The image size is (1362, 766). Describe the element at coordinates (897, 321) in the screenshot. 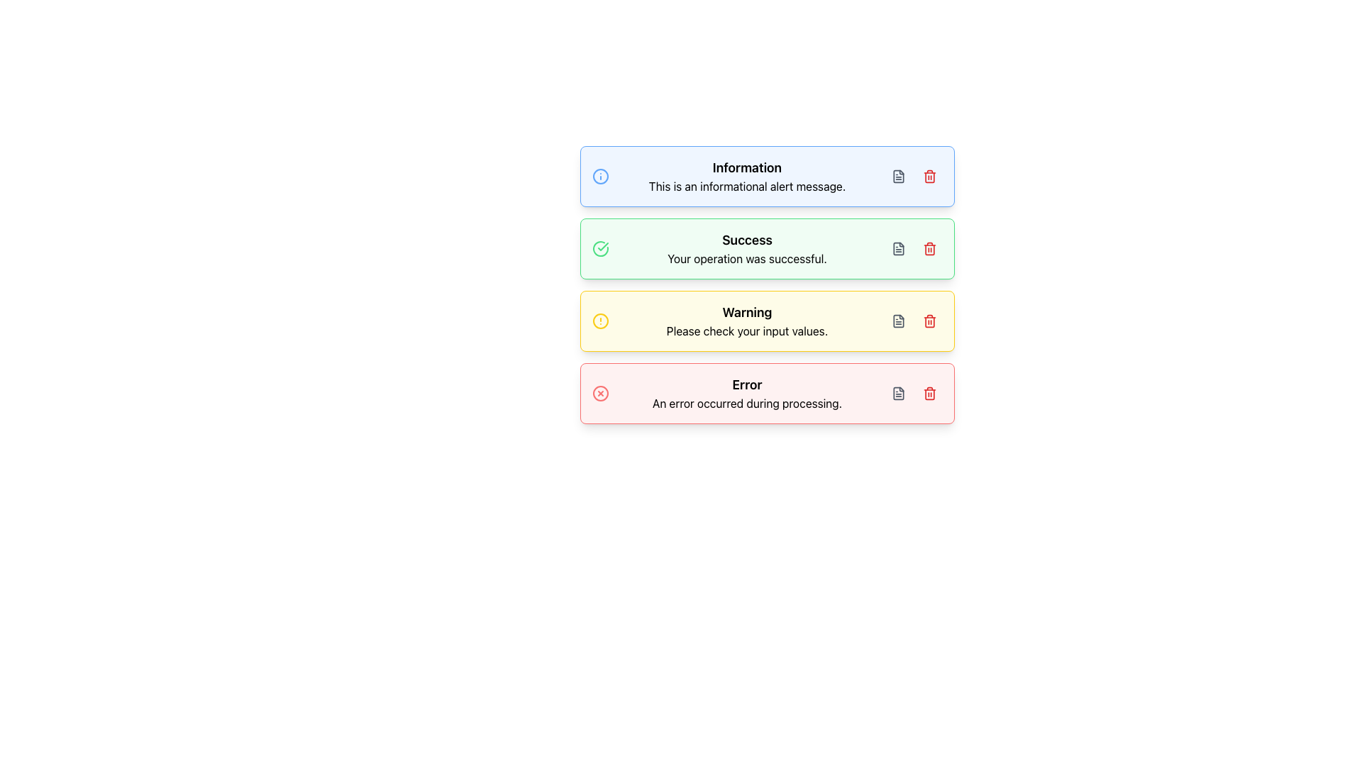

I see `the icon located to the right of the 'Warning' alert box` at that location.